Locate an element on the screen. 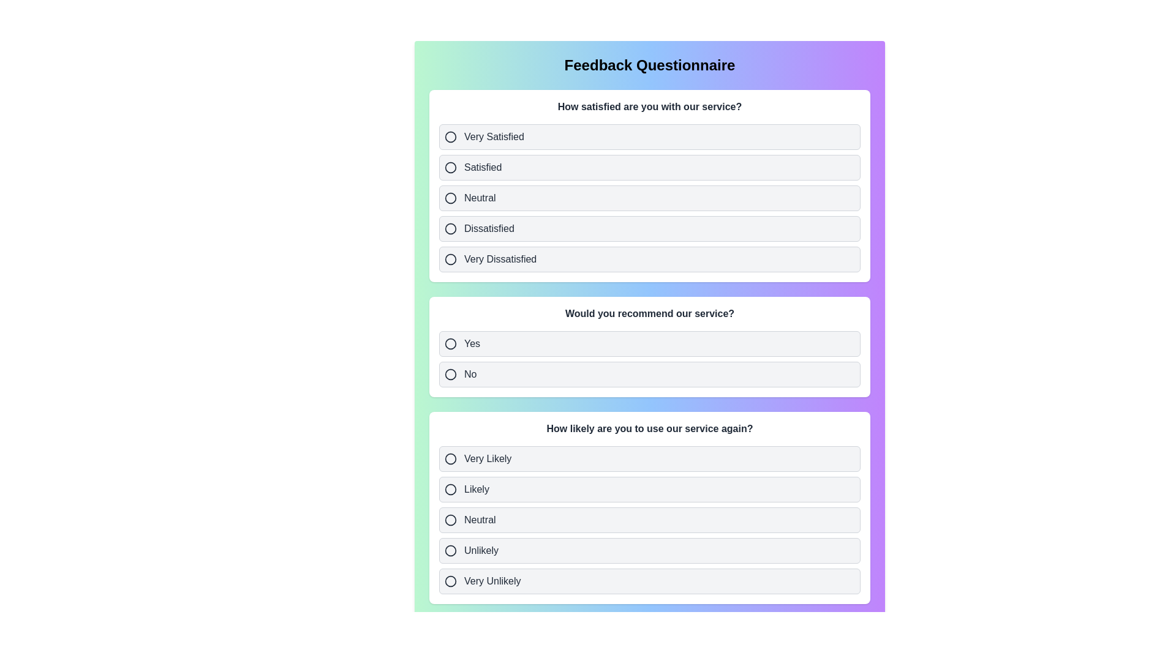 This screenshot has height=661, width=1176. the option Satisfied for the first question is located at coordinates (649, 167).